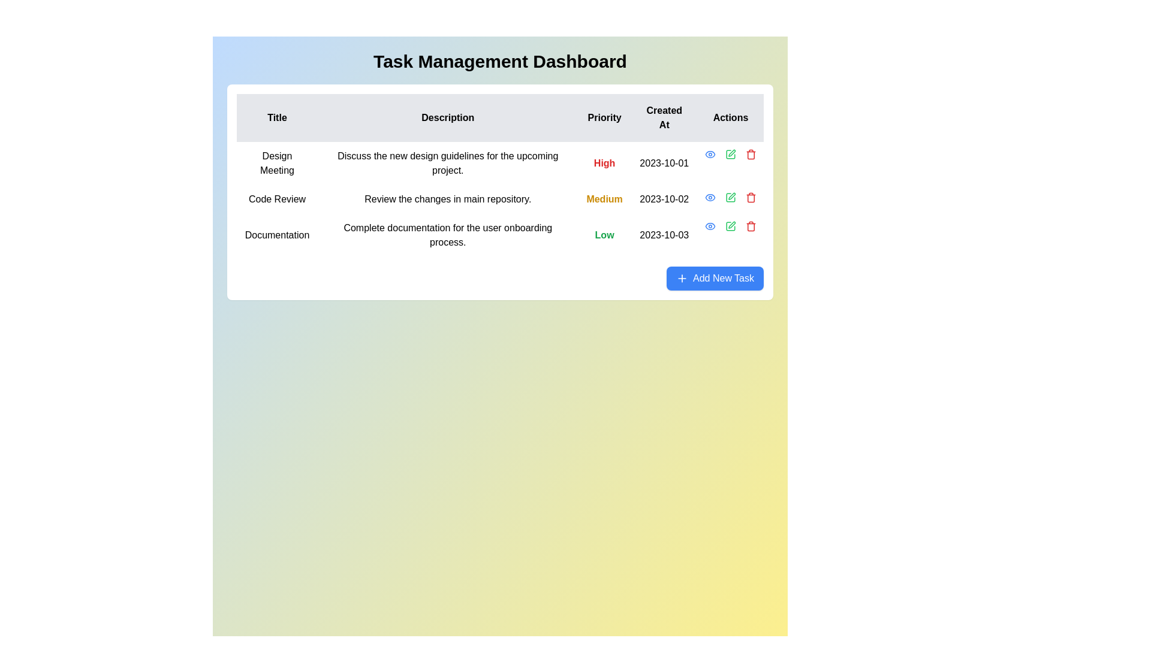 The image size is (1151, 647). I want to click on the trash icon in the 'Actions' column of the task table corresponding to the 'Documentation' row, so click(750, 155).